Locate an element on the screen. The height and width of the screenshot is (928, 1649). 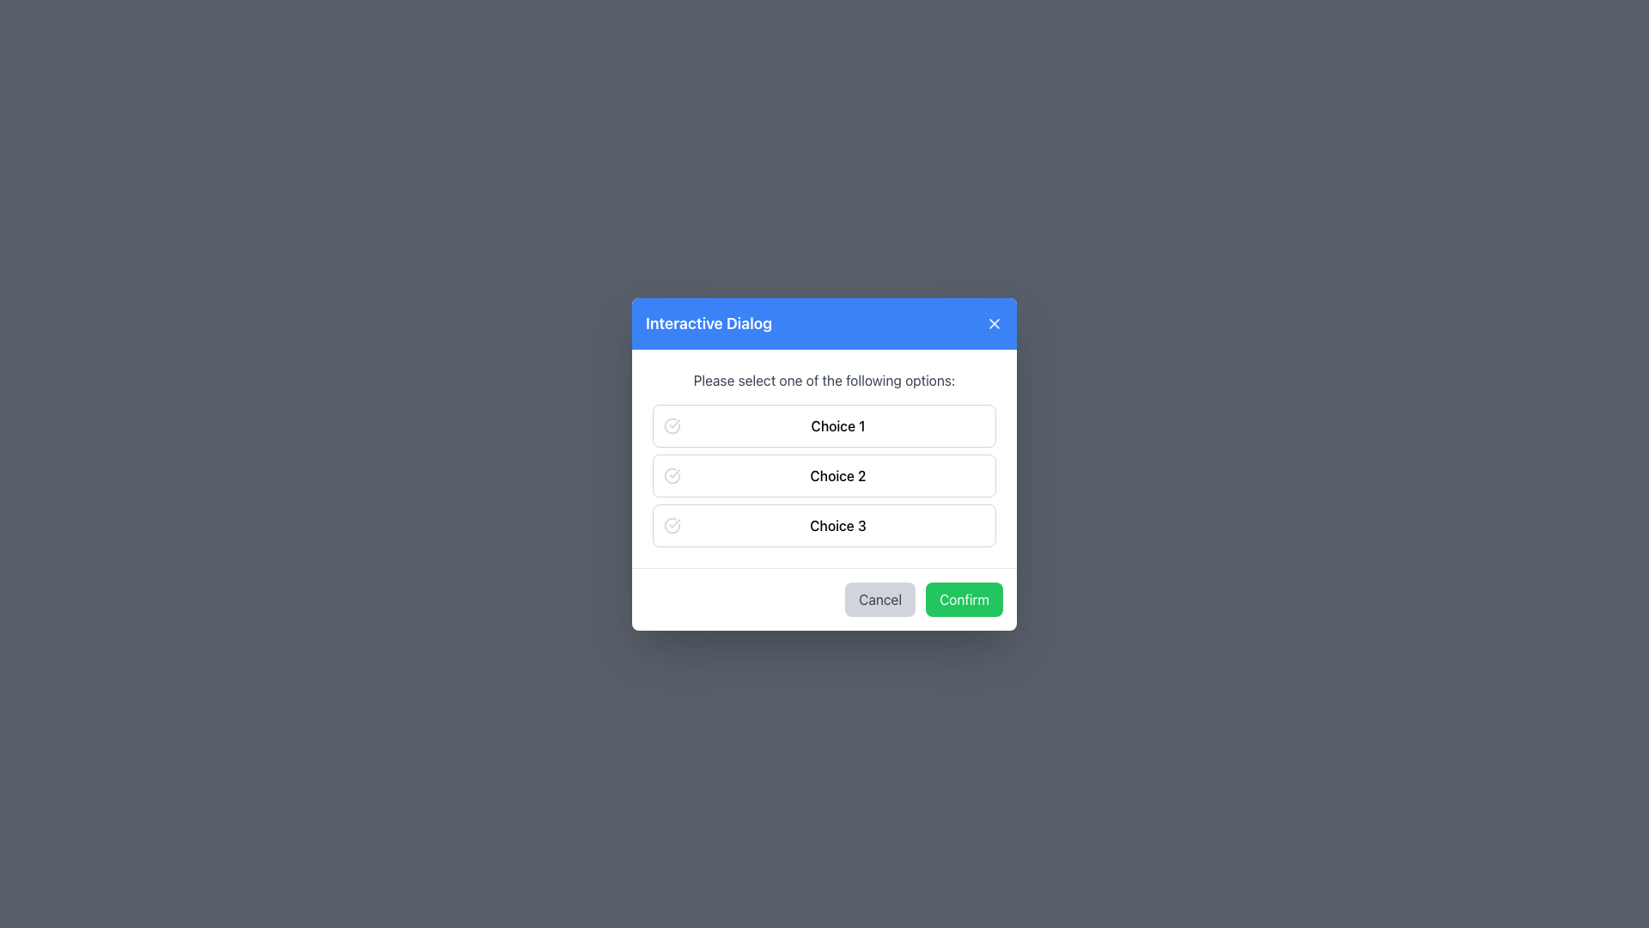
the white 'X' icon button in the upper-right corner of the dialog header is located at coordinates (994, 322).